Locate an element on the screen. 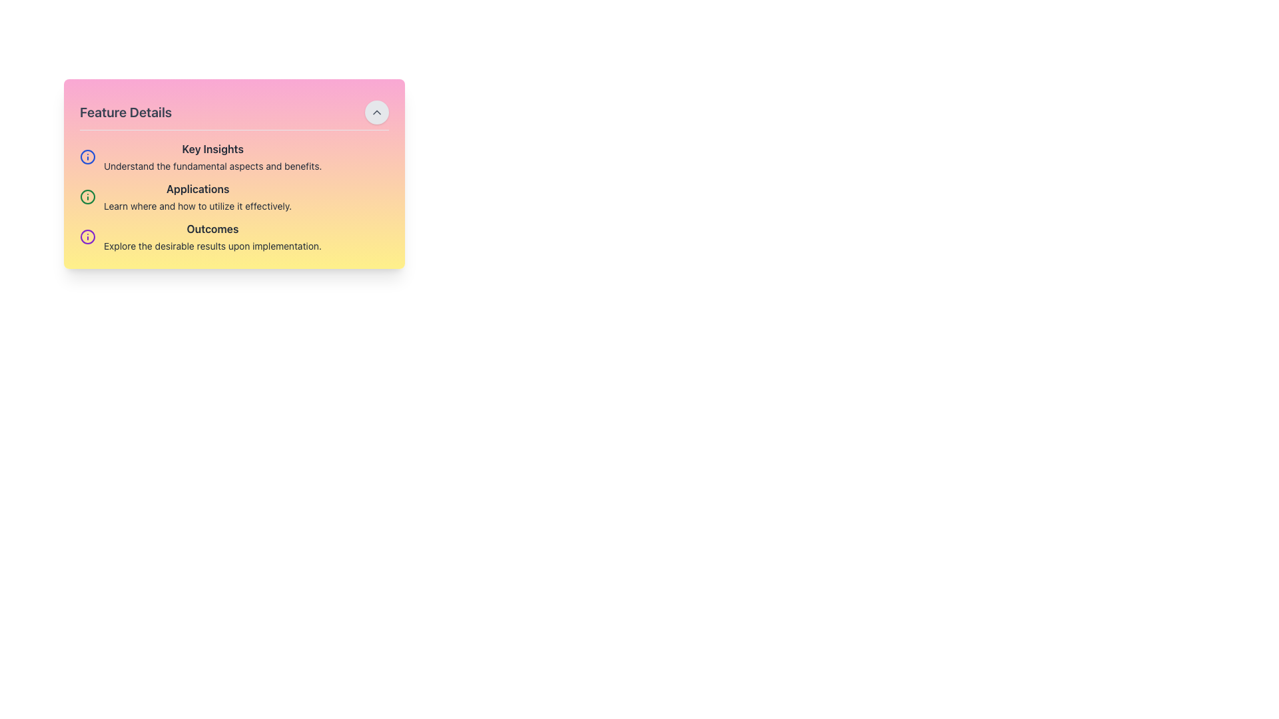 This screenshot has height=719, width=1279. the upward-pointing chevron icon within the circular button is located at coordinates (376, 112).